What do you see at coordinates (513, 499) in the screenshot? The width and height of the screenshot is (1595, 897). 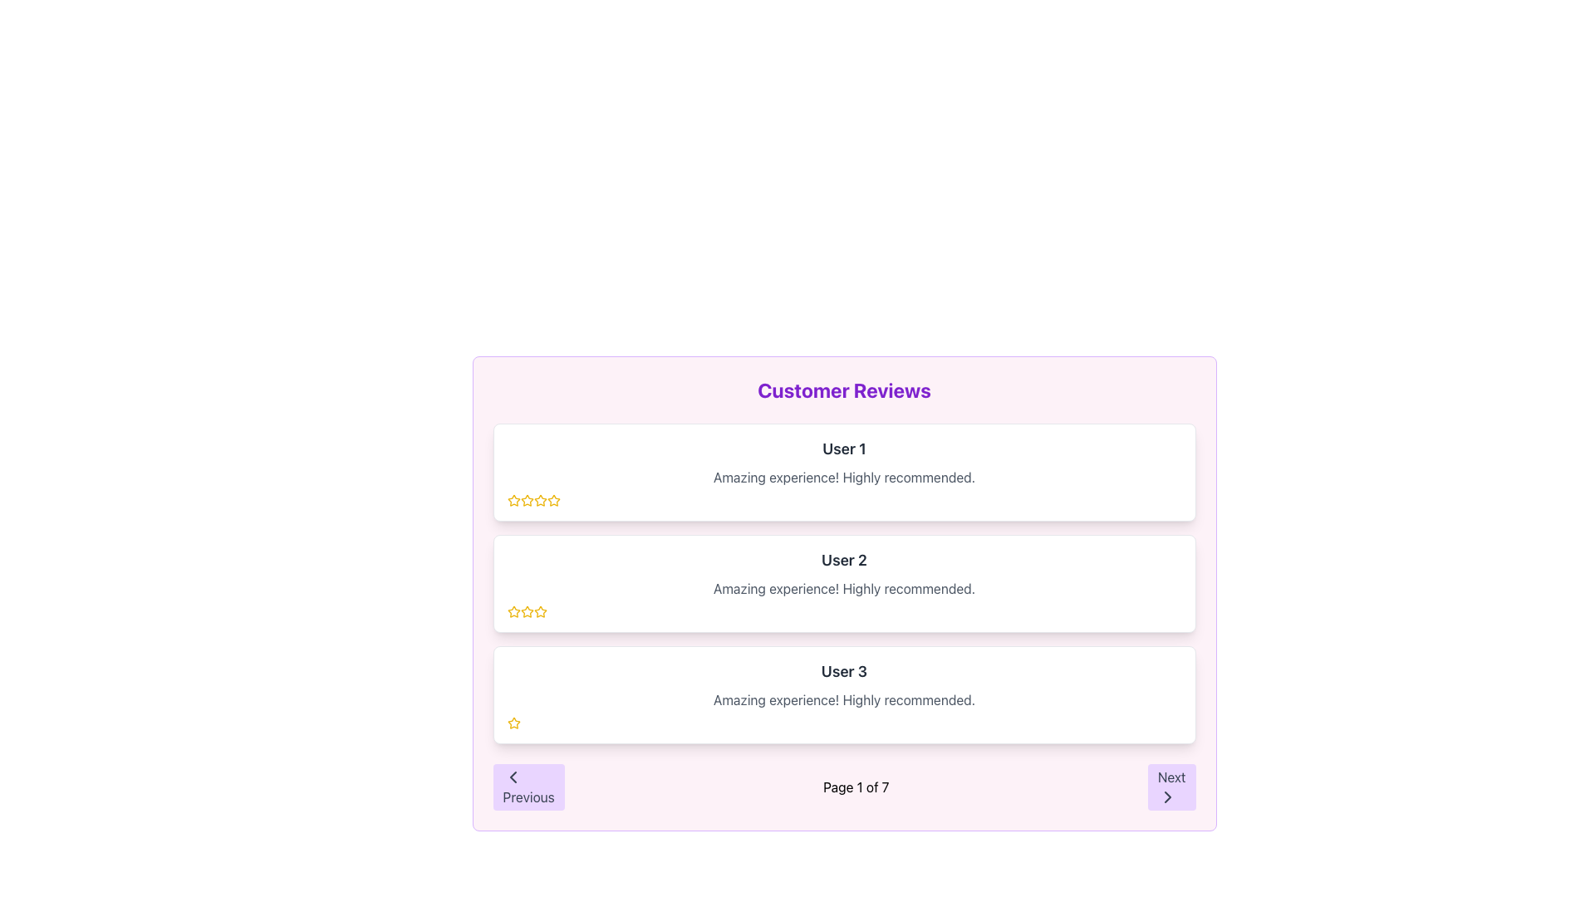 I see `the first hollow yellow outlined star icon in the rating bar of the first review section` at bounding box center [513, 499].